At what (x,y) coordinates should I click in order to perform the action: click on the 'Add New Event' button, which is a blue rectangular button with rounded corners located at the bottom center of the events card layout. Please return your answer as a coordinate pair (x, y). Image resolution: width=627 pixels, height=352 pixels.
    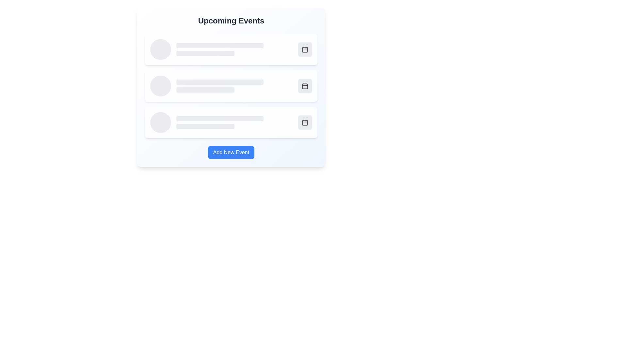
    Looking at the image, I should click on (231, 152).